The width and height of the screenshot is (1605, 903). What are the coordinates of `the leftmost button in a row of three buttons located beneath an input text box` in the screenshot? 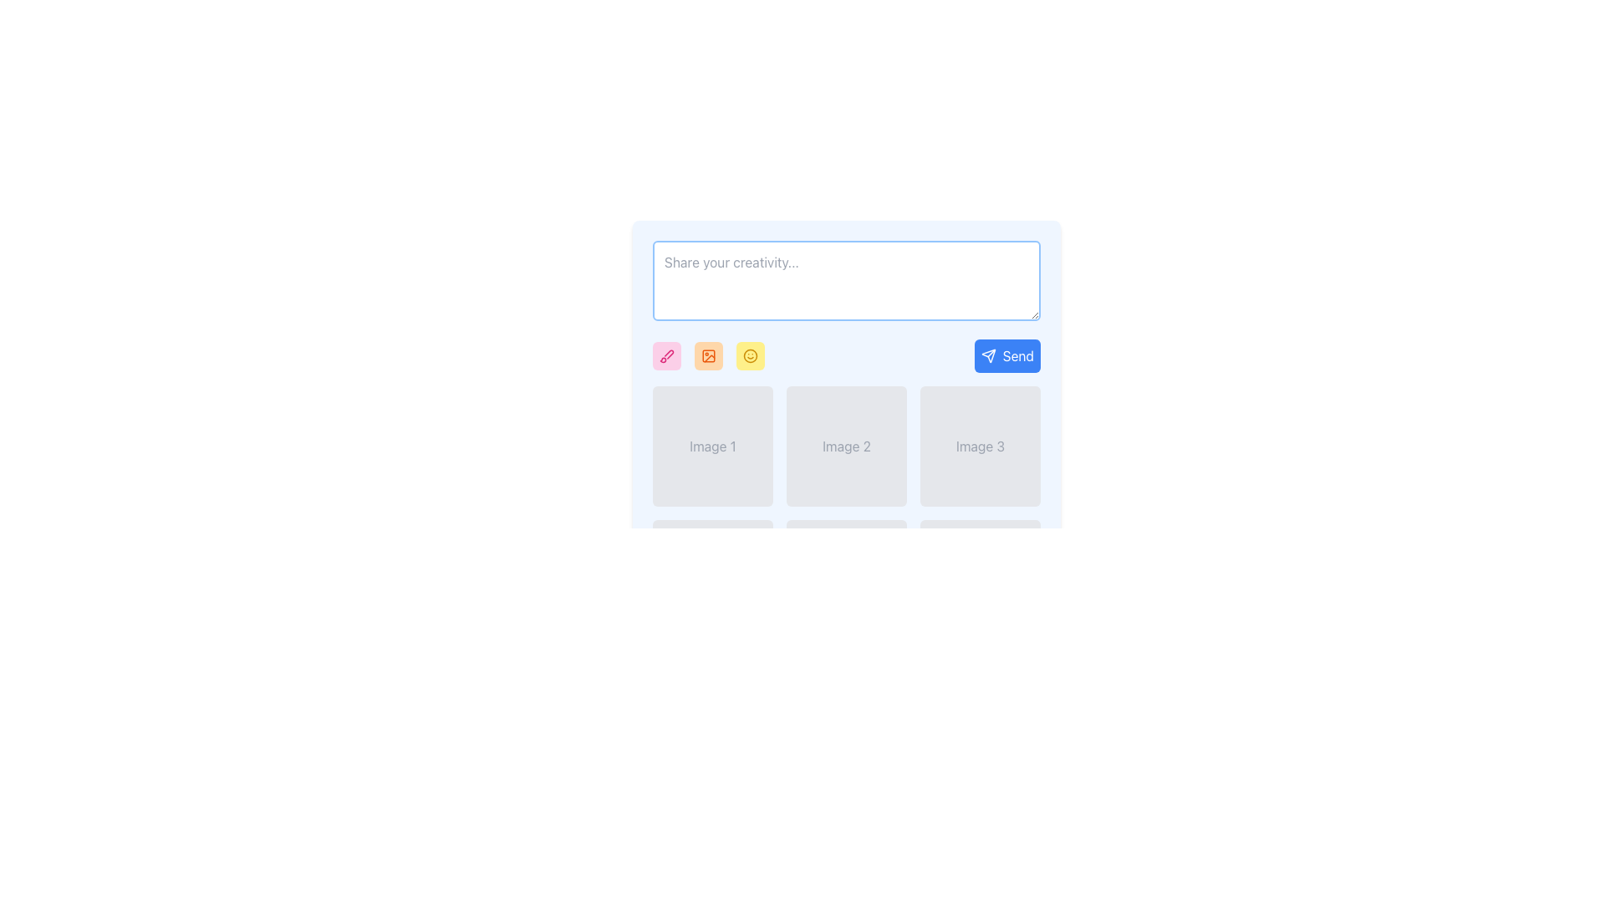 It's located at (665, 355).